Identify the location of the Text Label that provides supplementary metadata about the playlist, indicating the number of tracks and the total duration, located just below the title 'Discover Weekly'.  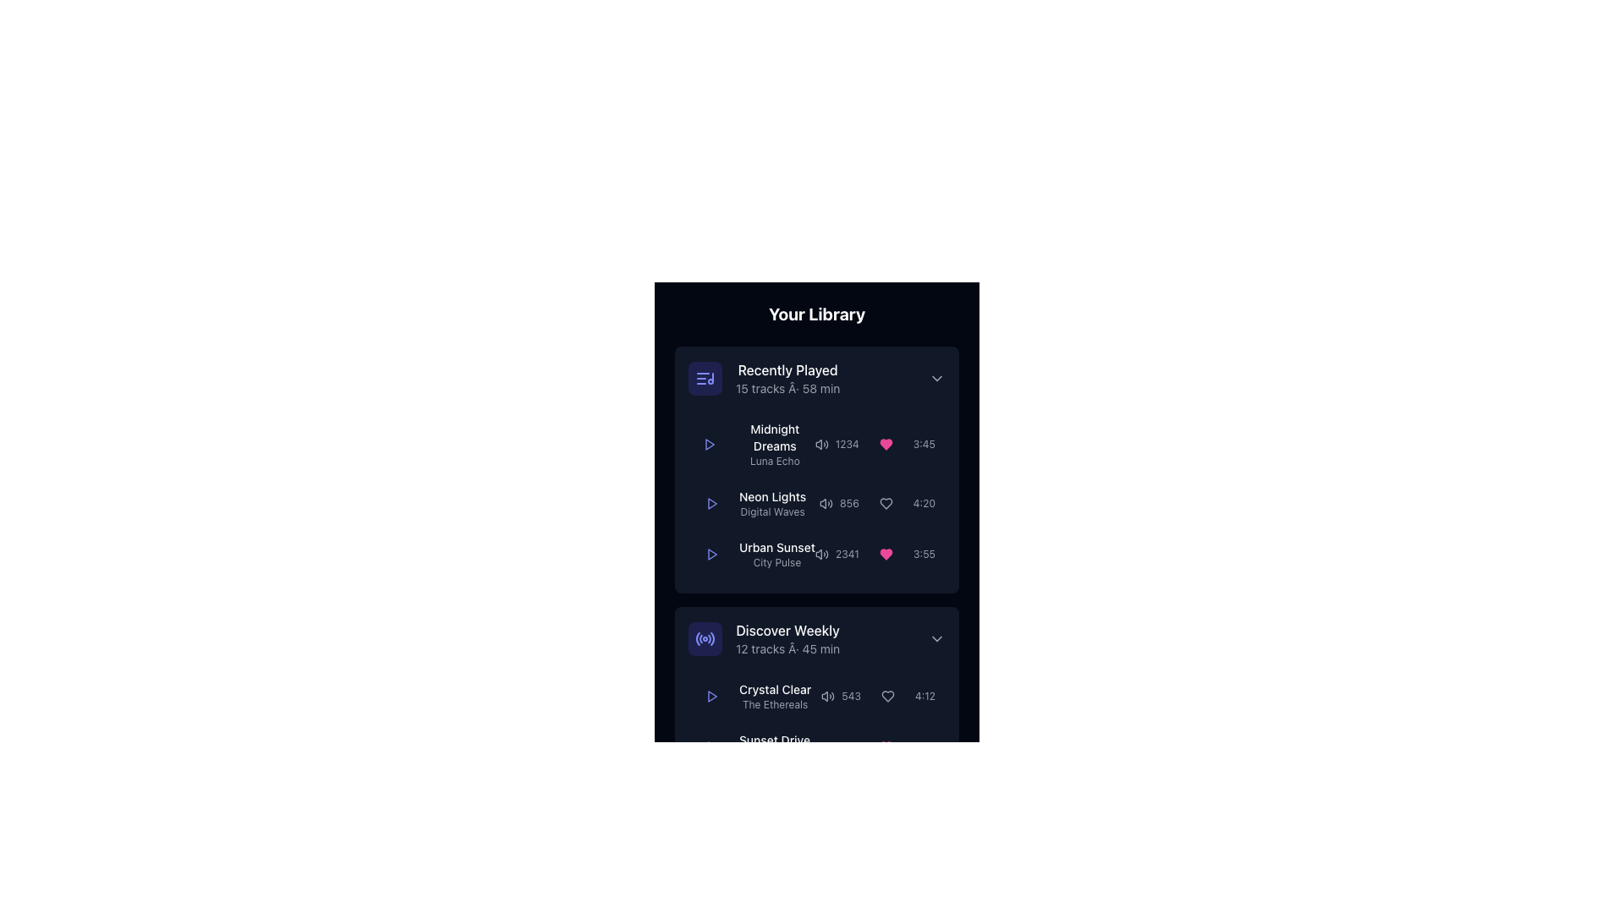
(787, 648).